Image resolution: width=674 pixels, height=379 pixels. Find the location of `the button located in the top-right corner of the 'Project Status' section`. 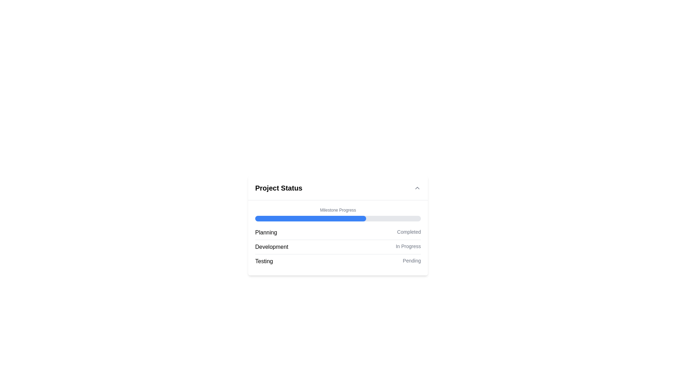

the button located in the top-right corner of the 'Project Status' section is located at coordinates (417, 188).